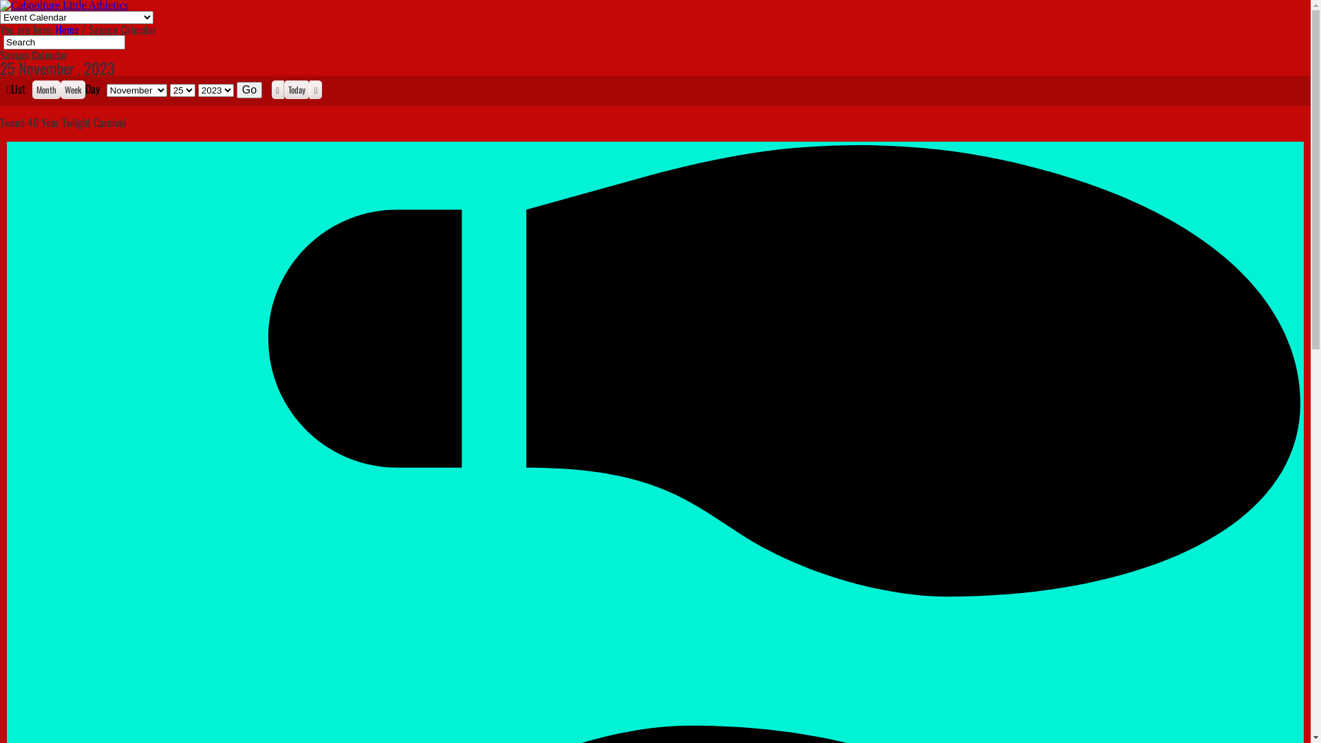 The image size is (1321, 743). I want to click on 'Today', so click(283, 89).